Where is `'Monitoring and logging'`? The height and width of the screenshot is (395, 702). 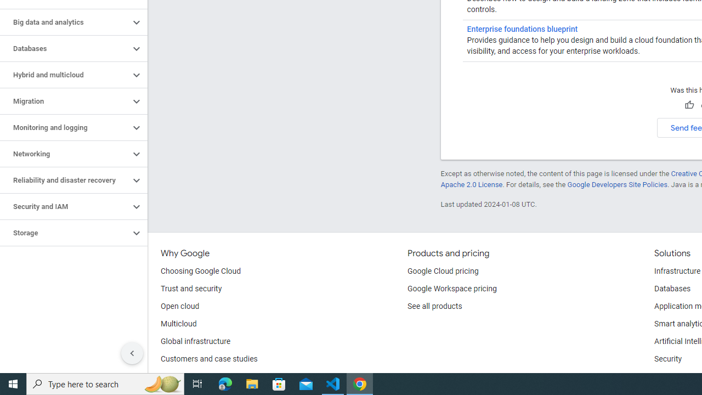
'Monitoring and logging' is located at coordinates (64, 127).